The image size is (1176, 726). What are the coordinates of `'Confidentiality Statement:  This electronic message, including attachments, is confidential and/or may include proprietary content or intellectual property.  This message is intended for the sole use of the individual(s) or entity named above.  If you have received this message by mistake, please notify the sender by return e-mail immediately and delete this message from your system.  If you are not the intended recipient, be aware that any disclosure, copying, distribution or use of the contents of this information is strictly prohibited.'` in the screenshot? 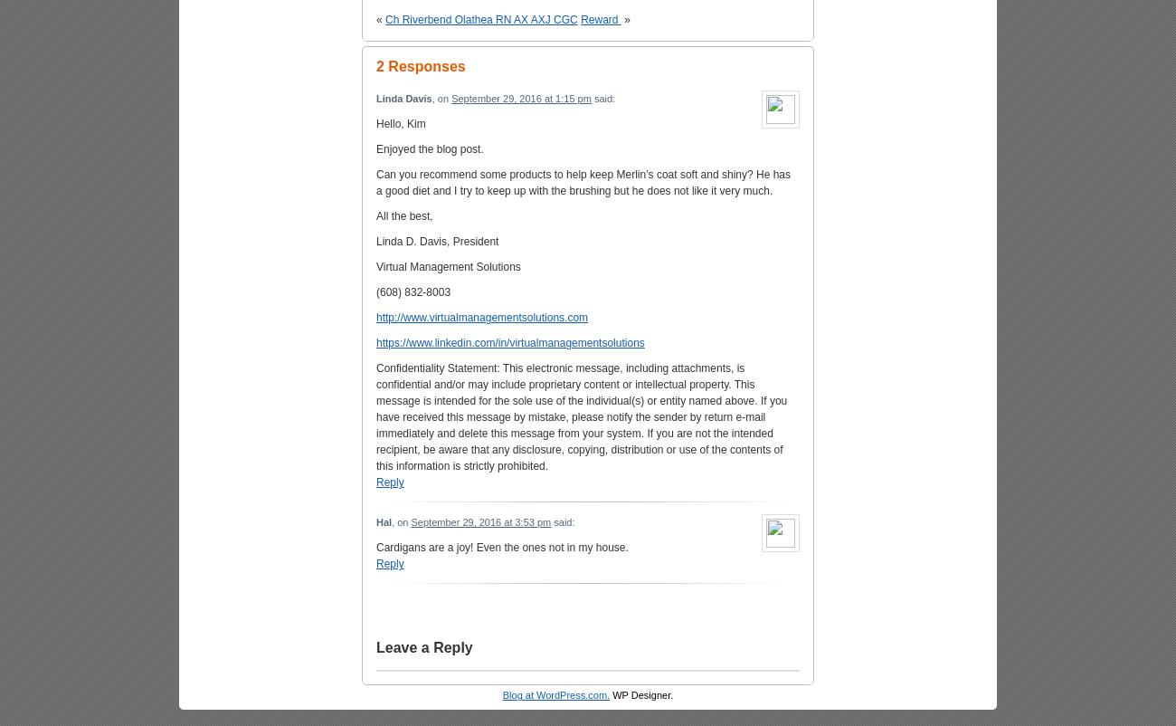 It's located at (581, 416).